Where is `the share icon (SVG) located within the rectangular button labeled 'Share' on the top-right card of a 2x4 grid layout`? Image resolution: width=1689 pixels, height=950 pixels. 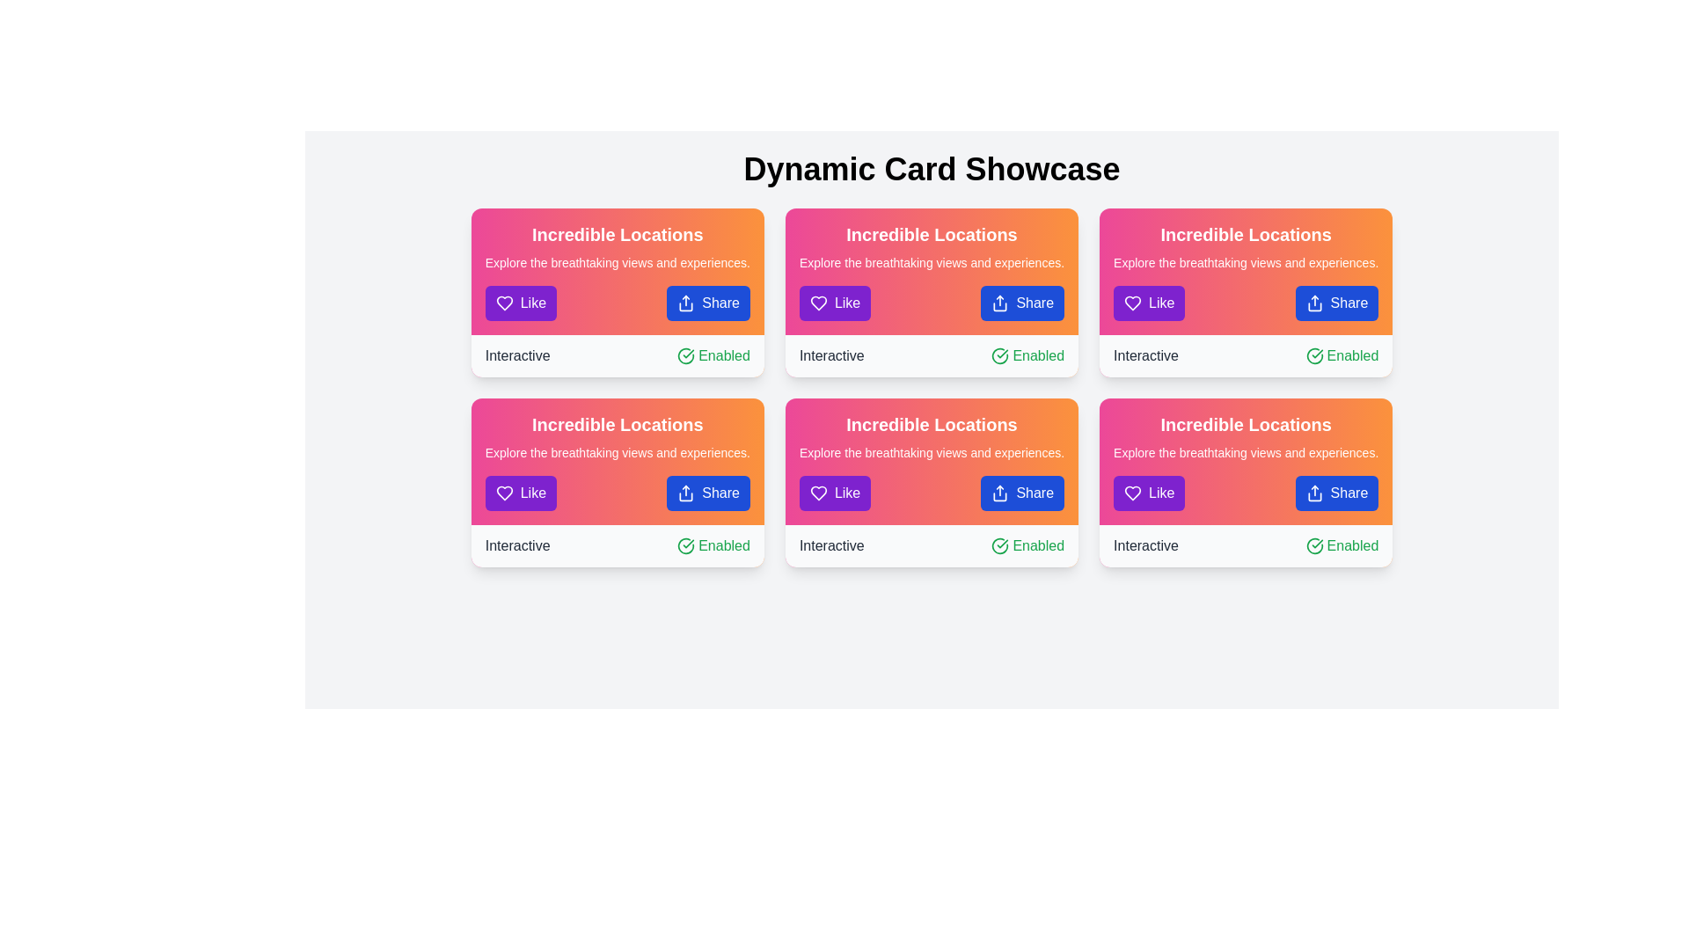 the share icon (SVG) located within the rectangular button labeled 'Share' on the top-right card of a 2x4 grid layout is located at coordinates (1314, 302).